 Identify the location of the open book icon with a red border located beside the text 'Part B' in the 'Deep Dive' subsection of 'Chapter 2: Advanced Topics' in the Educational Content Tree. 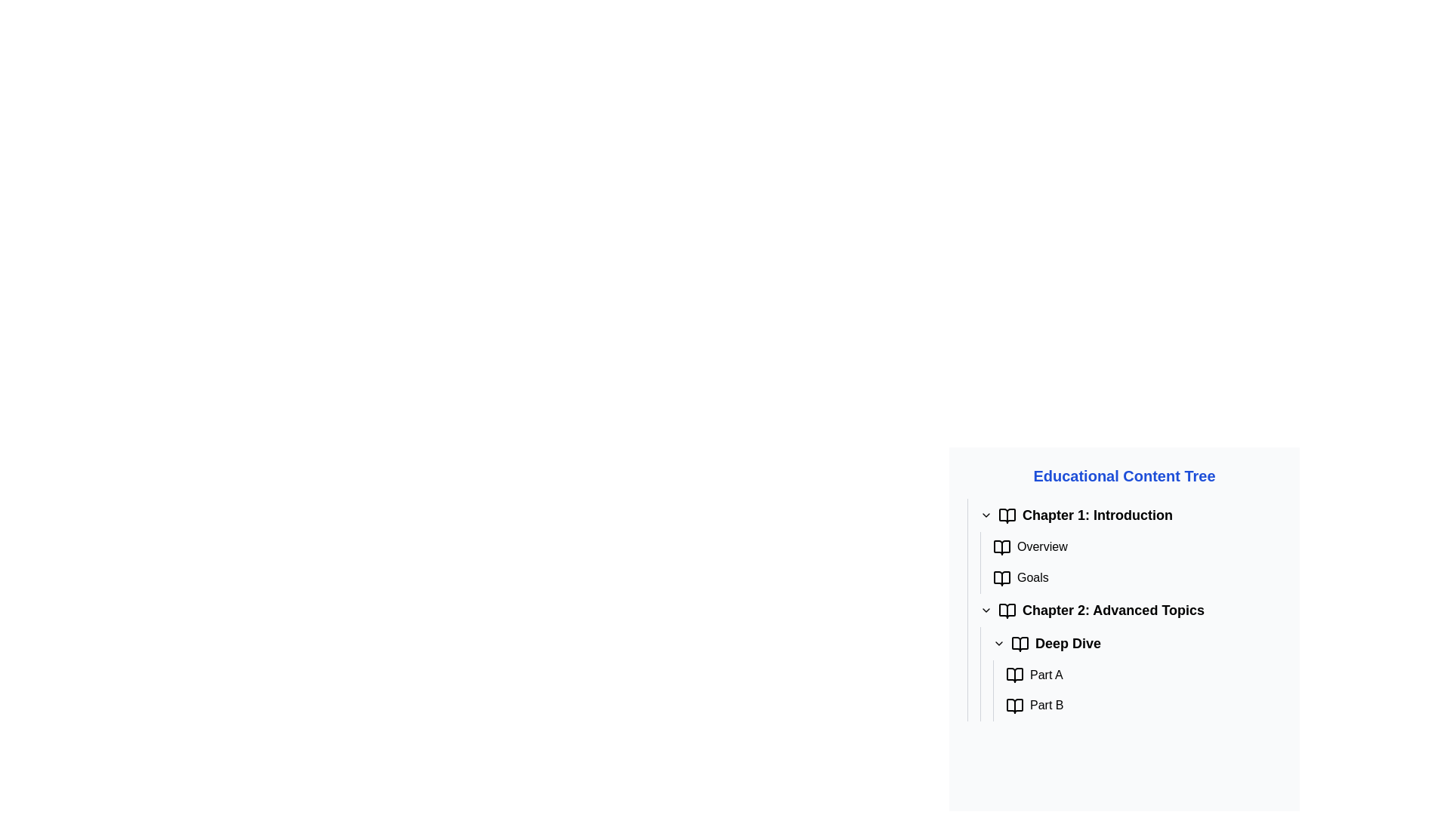
(1015, 706).